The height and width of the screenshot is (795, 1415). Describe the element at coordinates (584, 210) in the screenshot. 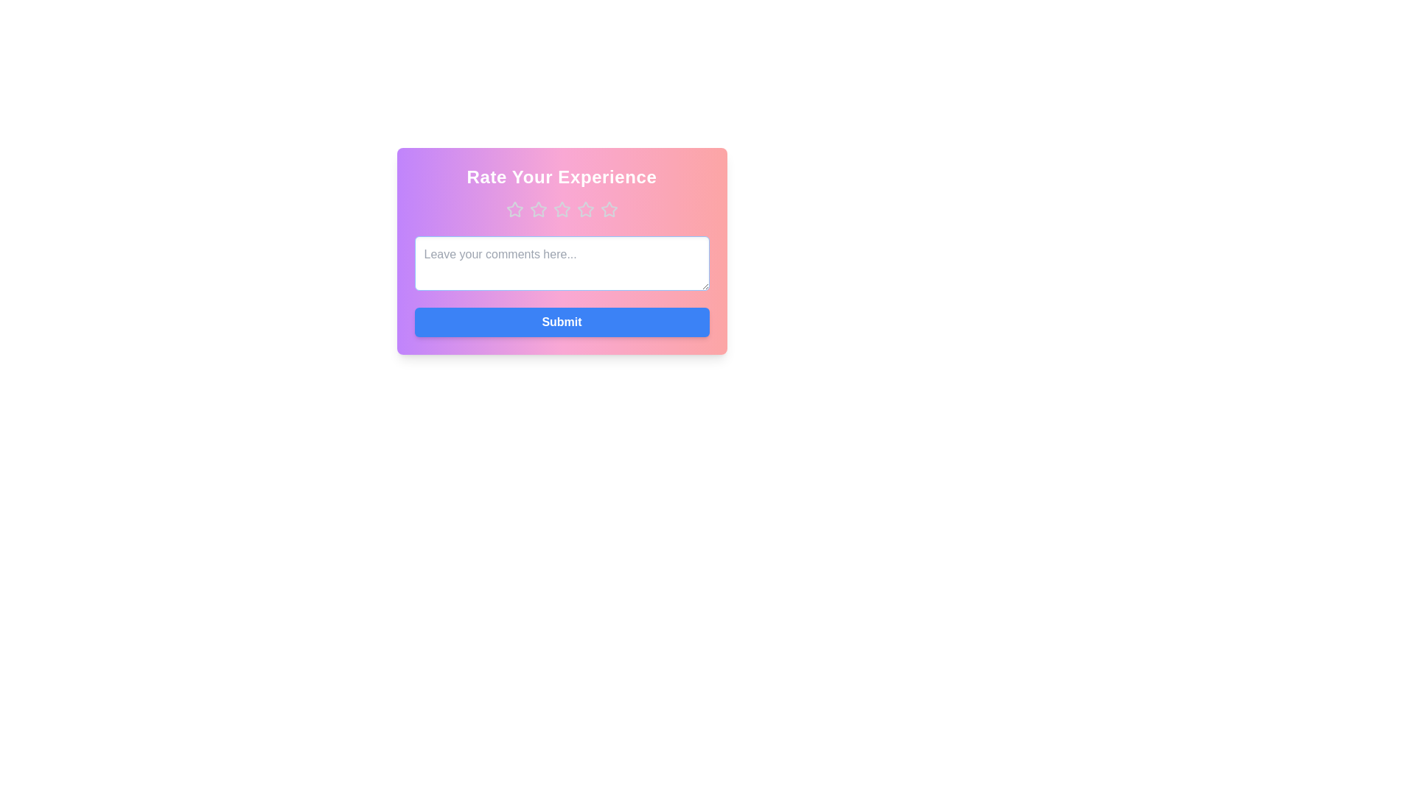

I see `the star corresponding to the desired rating 4` at that location.